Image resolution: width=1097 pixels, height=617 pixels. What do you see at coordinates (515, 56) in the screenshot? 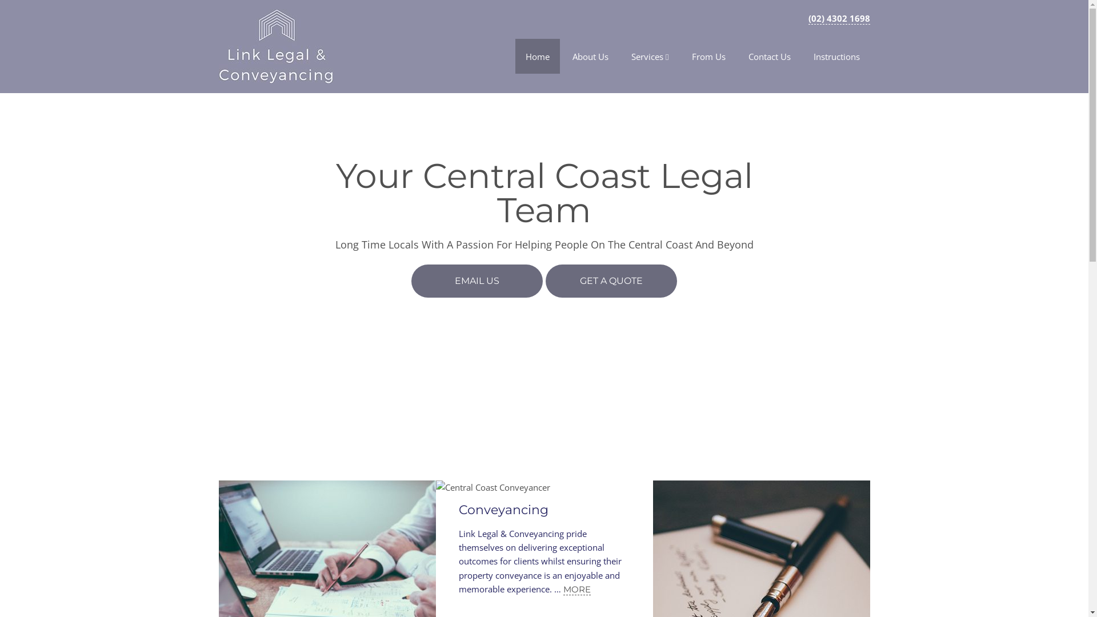
I see `'Home'` at bounding box center [515, 56].